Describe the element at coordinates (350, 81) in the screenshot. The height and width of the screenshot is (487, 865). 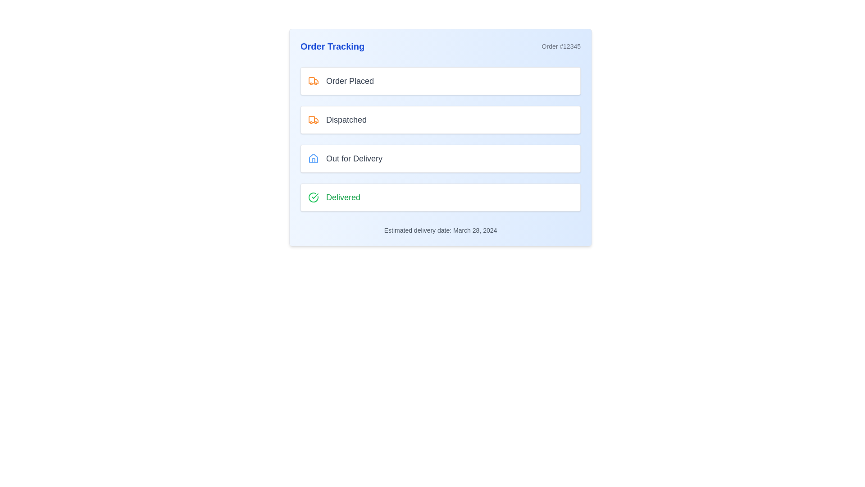
I see `the status indicator text label that shows an order has been placed, located within the first item of the order tracking list, to the right of the orange truck icon` at that location.